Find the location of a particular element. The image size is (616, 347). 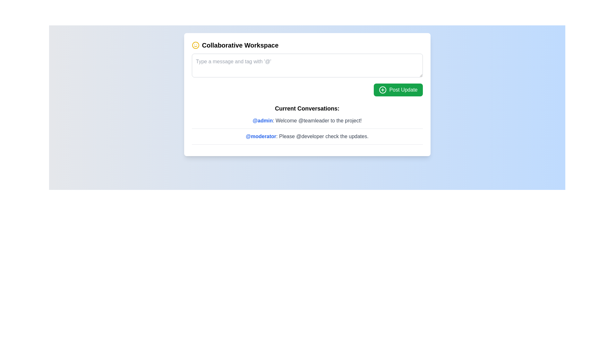

the message directed to '@teamleader' in the chat notification authored by '@admin', which is the first line in the 'Current Conversations' section is located at coordinates (307, 120).